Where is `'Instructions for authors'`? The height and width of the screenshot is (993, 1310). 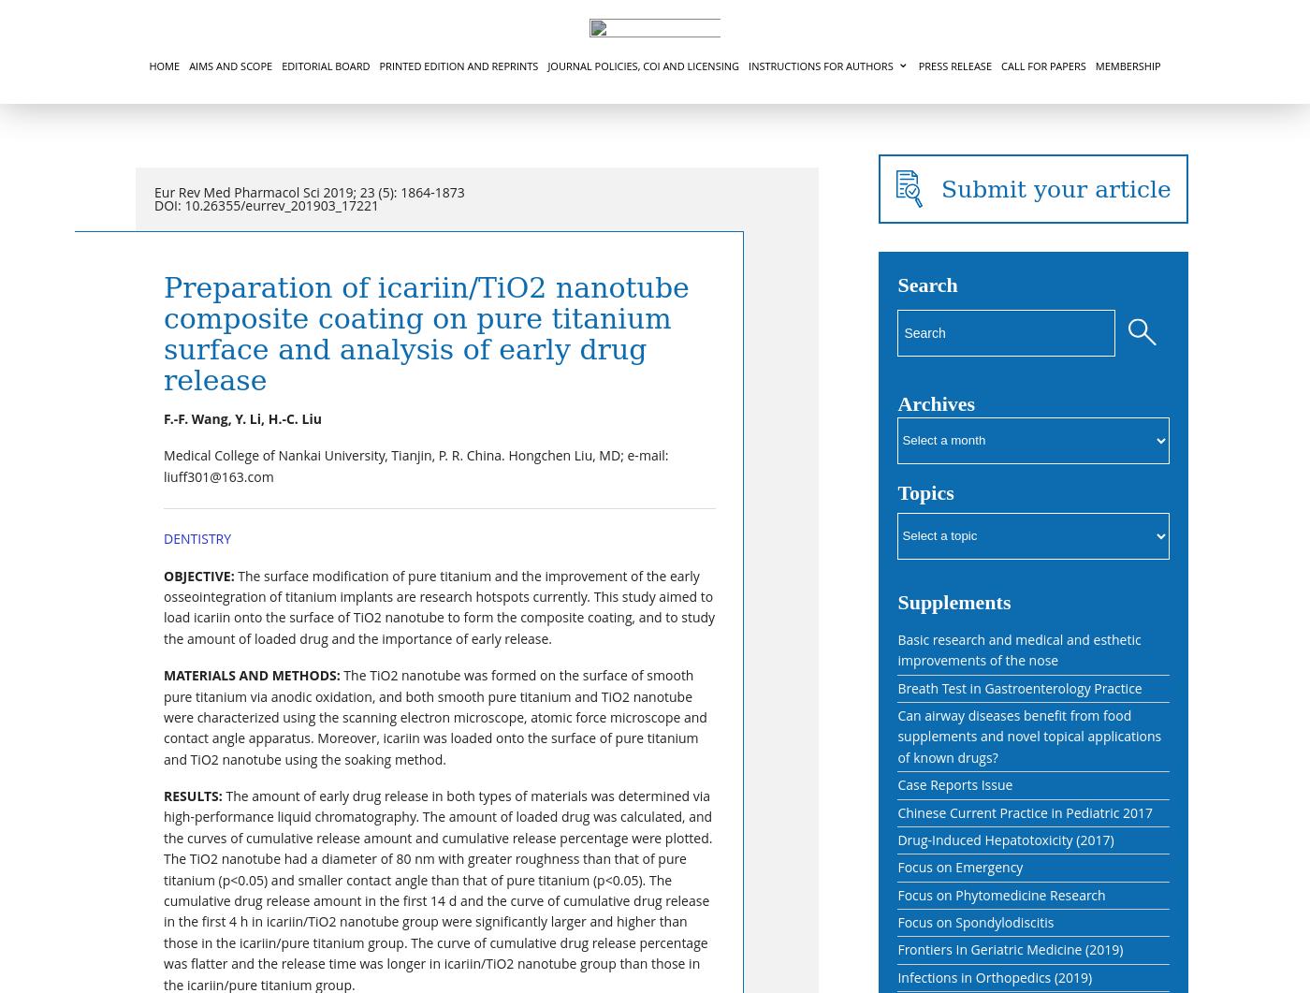
'Instructions for authors' is located at coordinates (819, 66).